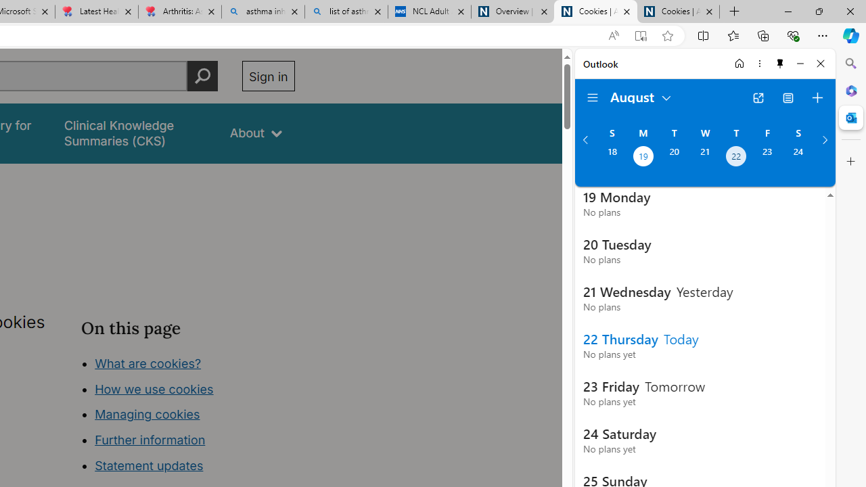 The height and width of the screenshot is (487, 866). Describe the element at coordinates (641, 95) in the screenshot. I see `'August'` at that location.